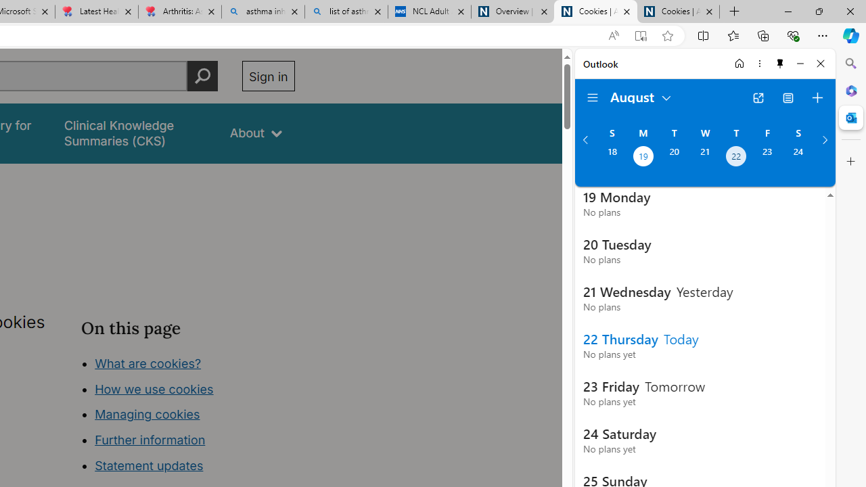 The height and width of the screenshot is (487, 866). Describe the element at coordinates (641, 95) in the screenshot. I see `'August'` at that location.